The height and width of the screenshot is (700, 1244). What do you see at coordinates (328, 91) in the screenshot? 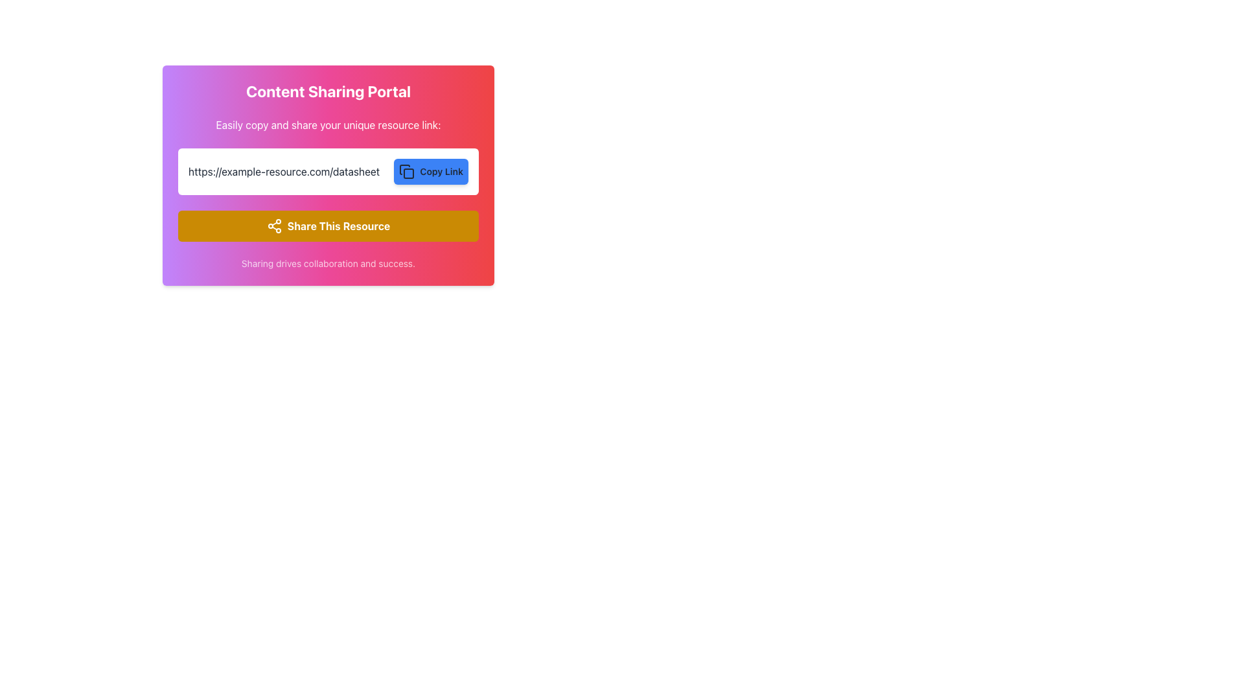
I see `the Heading element that serves as the title for the panel, indicating the primary purpose of the component layout for sharing content` at bounding box center [328, 91].